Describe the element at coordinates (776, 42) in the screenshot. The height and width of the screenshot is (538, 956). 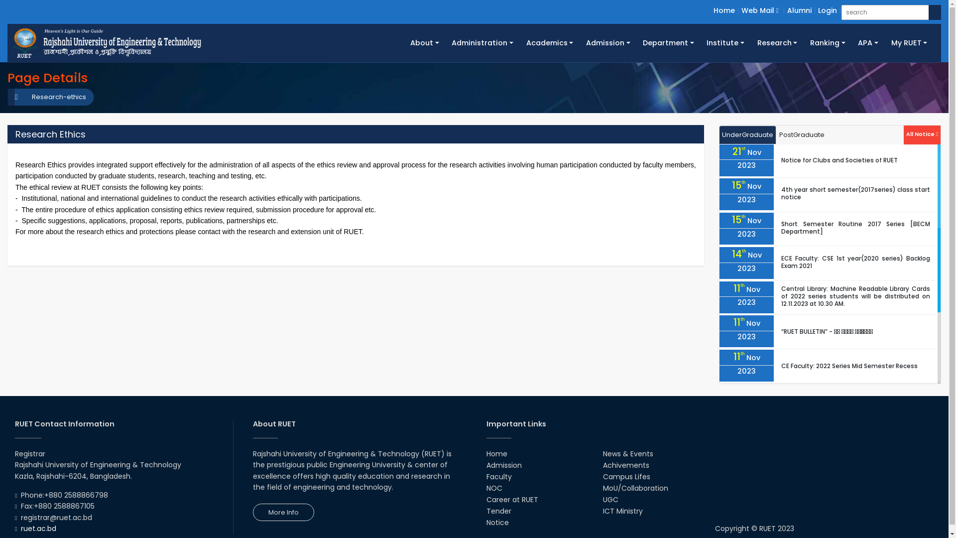
I see `'Research'` at that location.